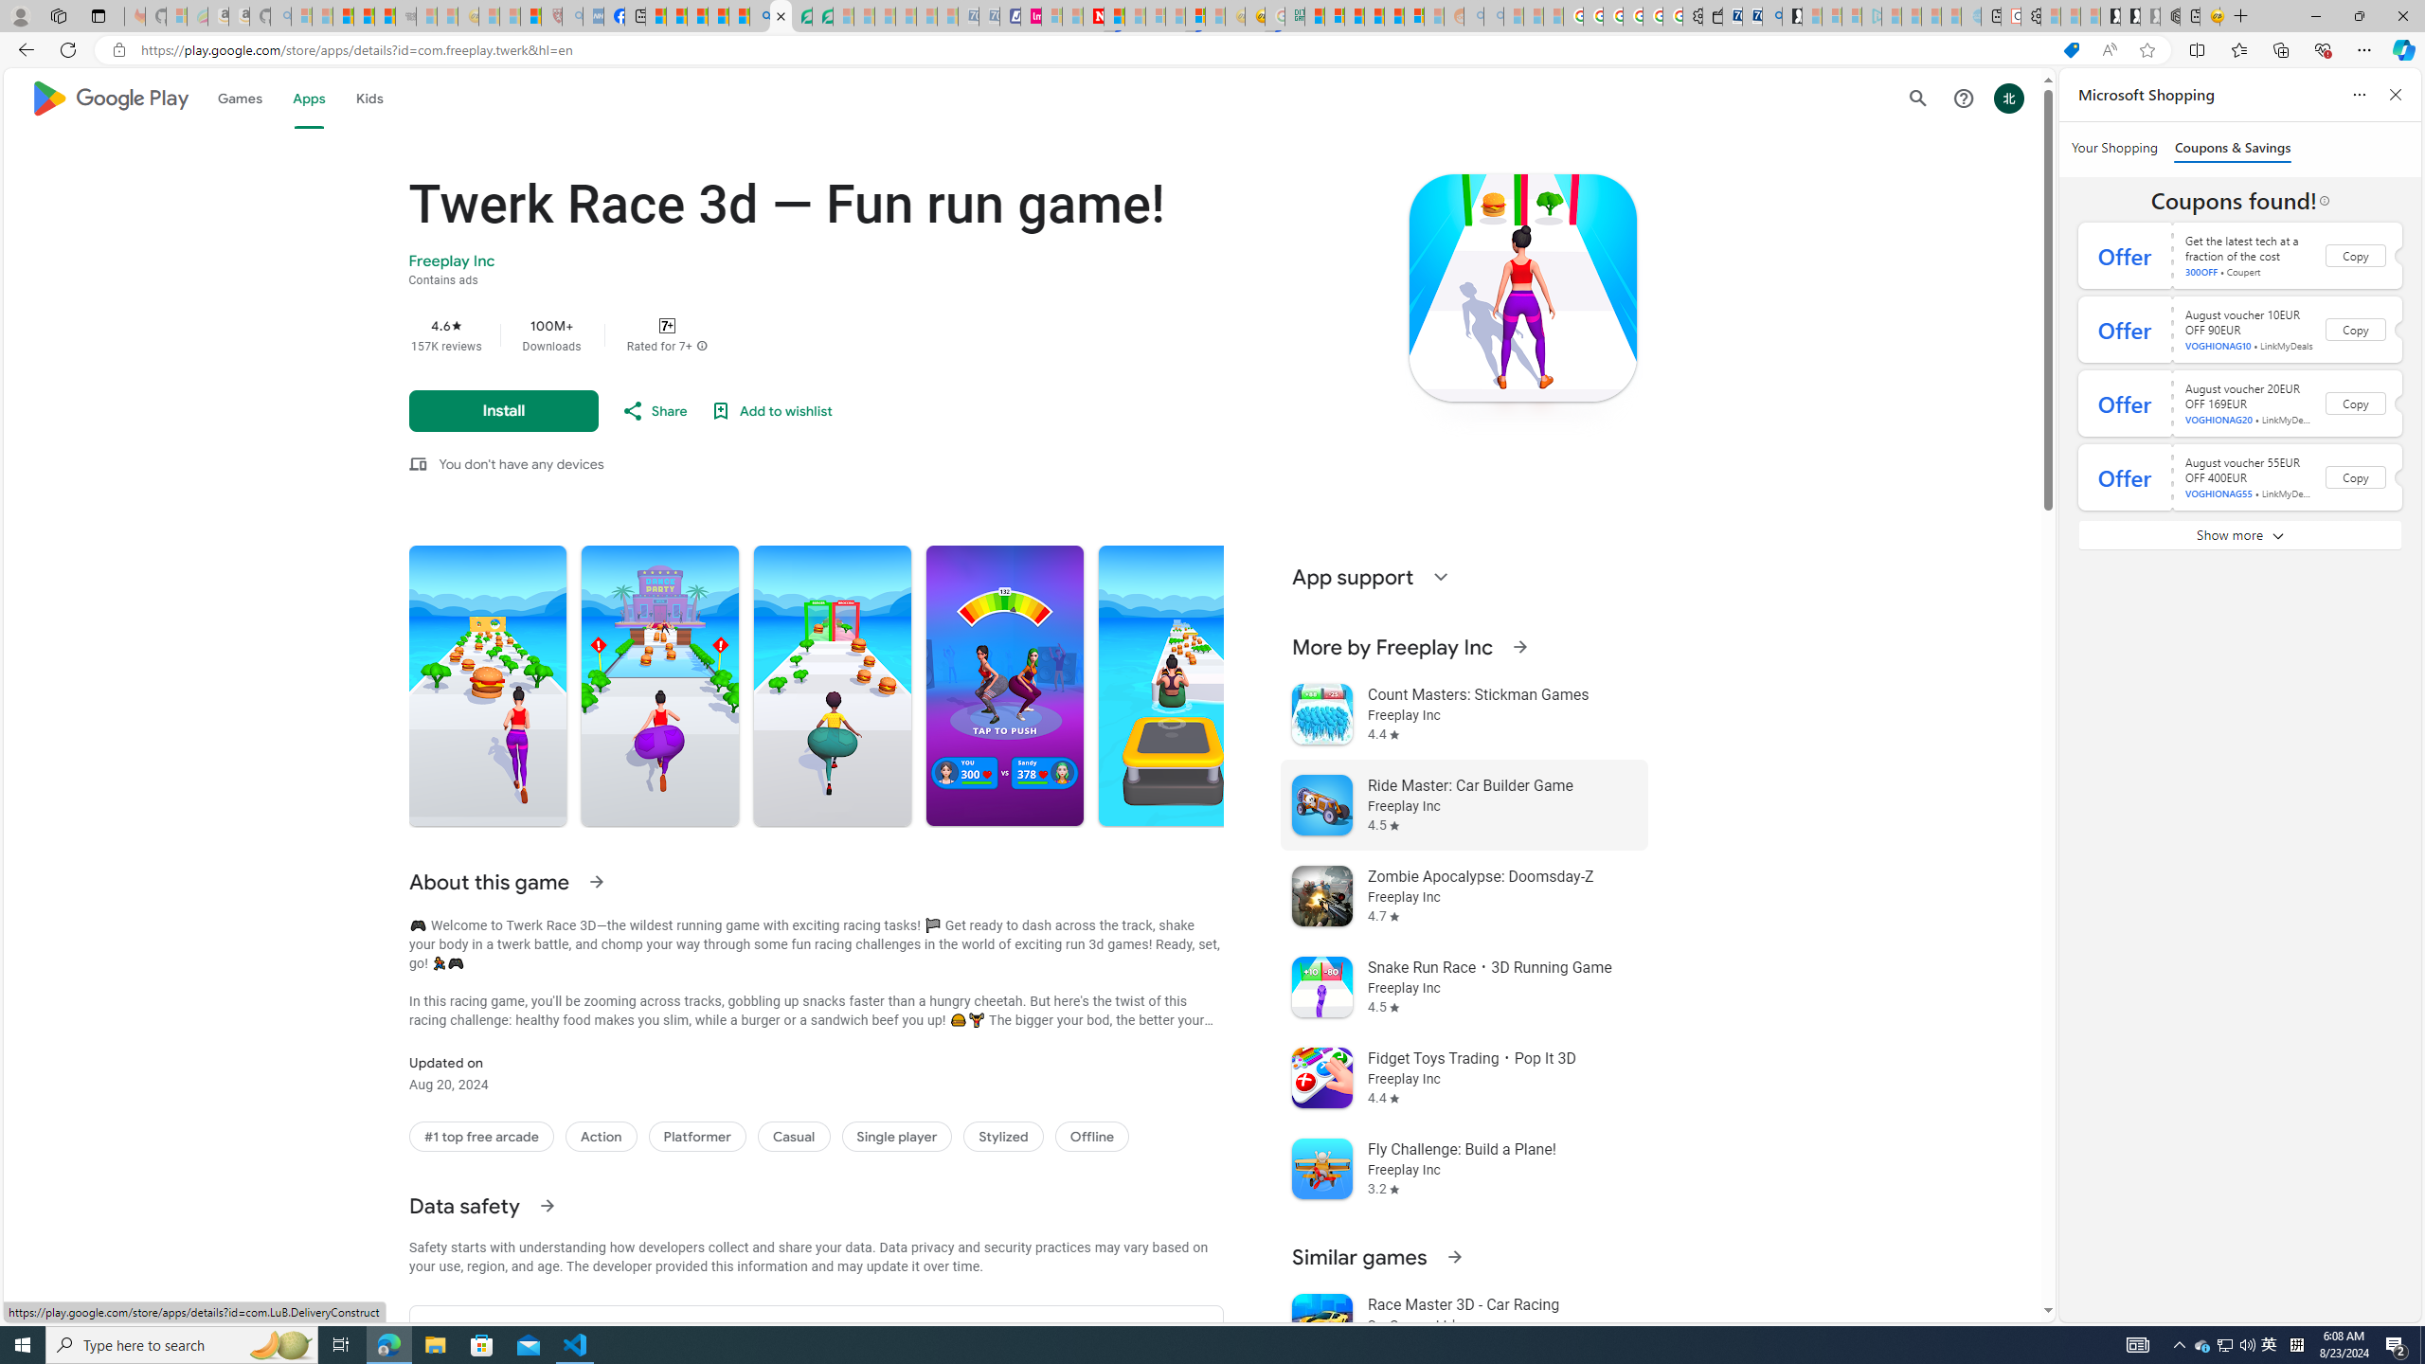  I want to click on 'Single player', so click(896, 1136).